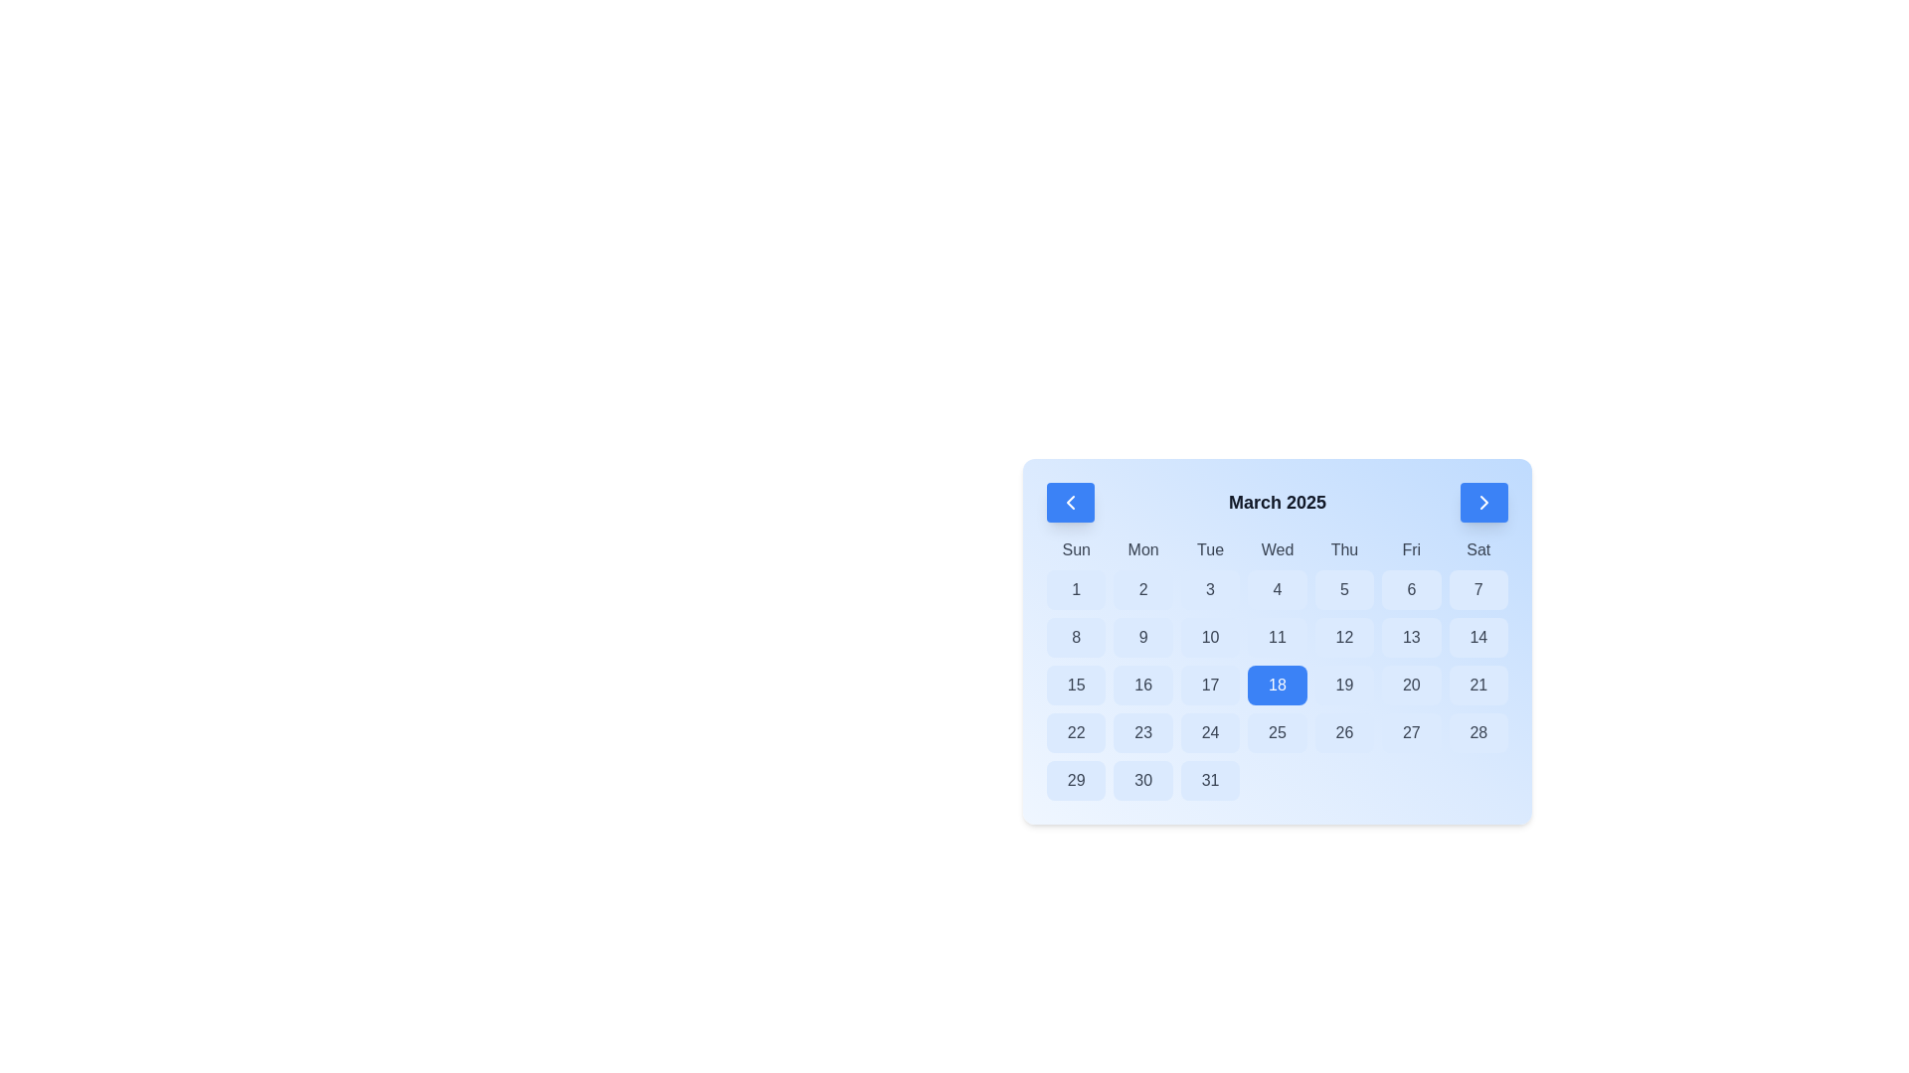 This screenshot has width=1909, height=1073. What do you see at coordinates (1410, 637) in the screenshot?
I see `the light blue square button with rounded corners labeled '13' under 'Fri'` at bounding box center [1410, 637].